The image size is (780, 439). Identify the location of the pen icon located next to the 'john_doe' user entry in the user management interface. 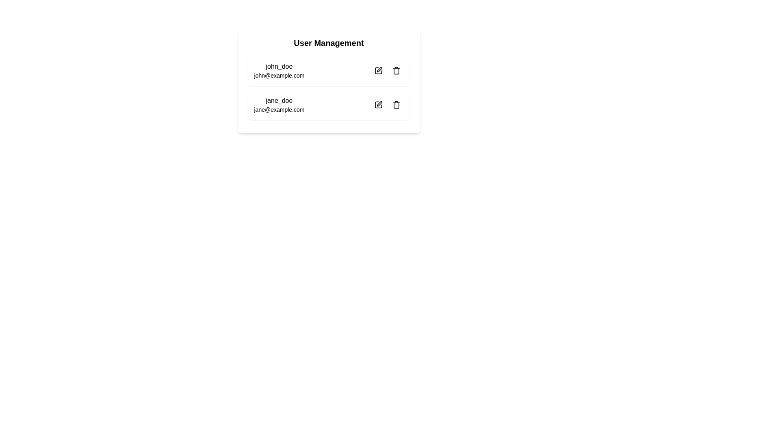
(379, 69).